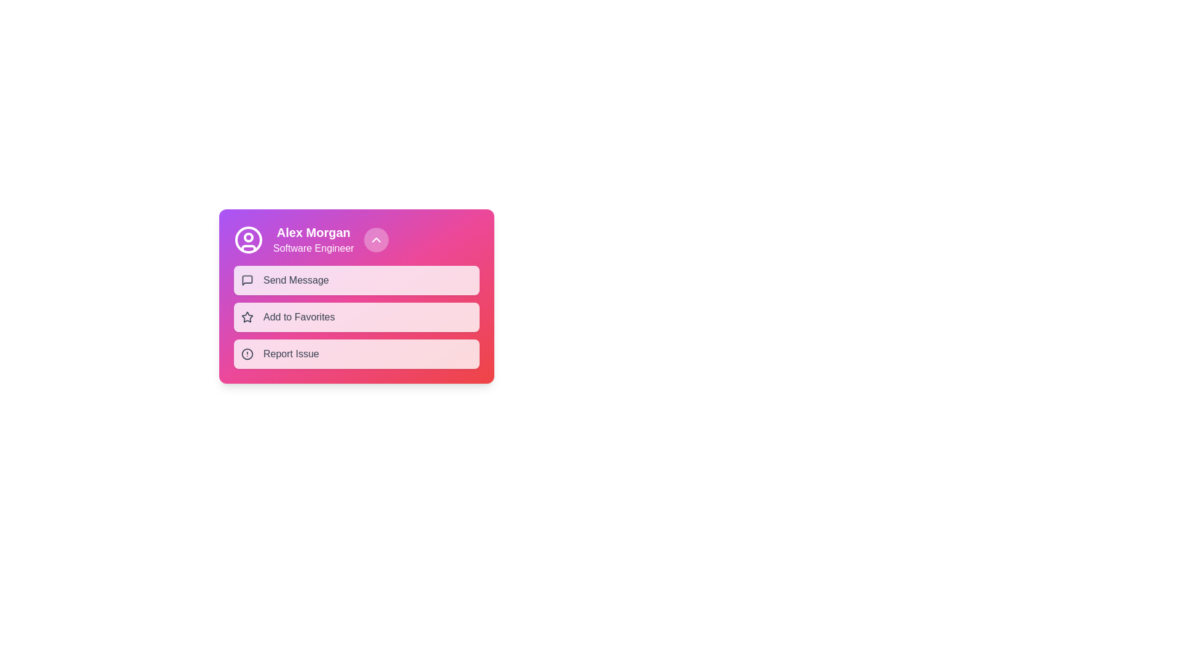 The image size is (1179, 663). I want to click on the 'Report Issue' text label, so click(290, 354).